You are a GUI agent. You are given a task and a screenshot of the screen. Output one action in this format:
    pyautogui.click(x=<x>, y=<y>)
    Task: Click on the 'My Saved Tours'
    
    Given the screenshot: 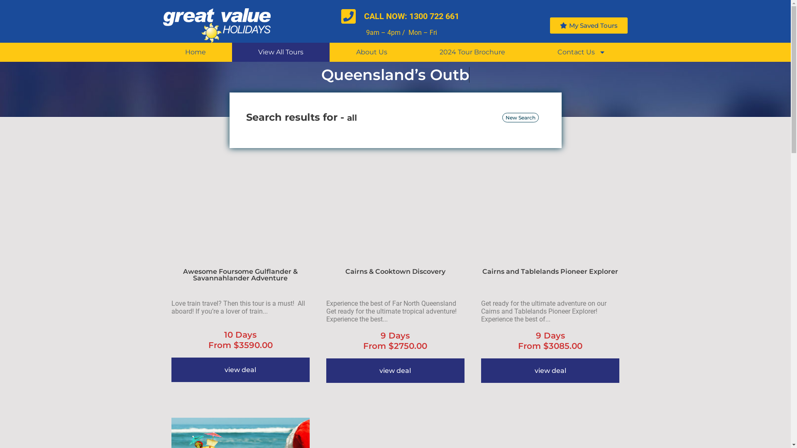 What is the action you would take?
    pyautogui.click(x=588, y=25)
    